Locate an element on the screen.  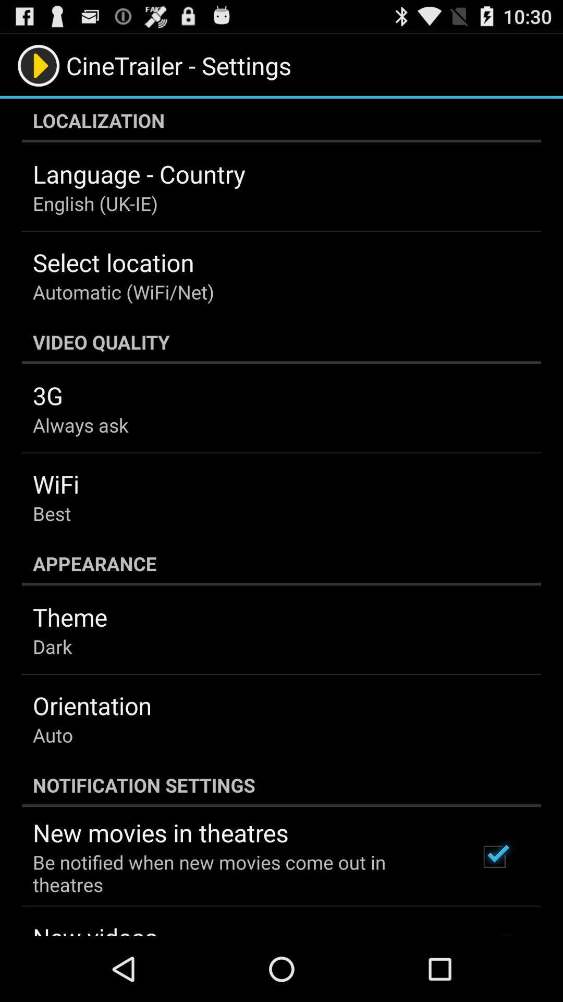
the item above automatic (wifi/net) item is located at coordinates (113, 262).